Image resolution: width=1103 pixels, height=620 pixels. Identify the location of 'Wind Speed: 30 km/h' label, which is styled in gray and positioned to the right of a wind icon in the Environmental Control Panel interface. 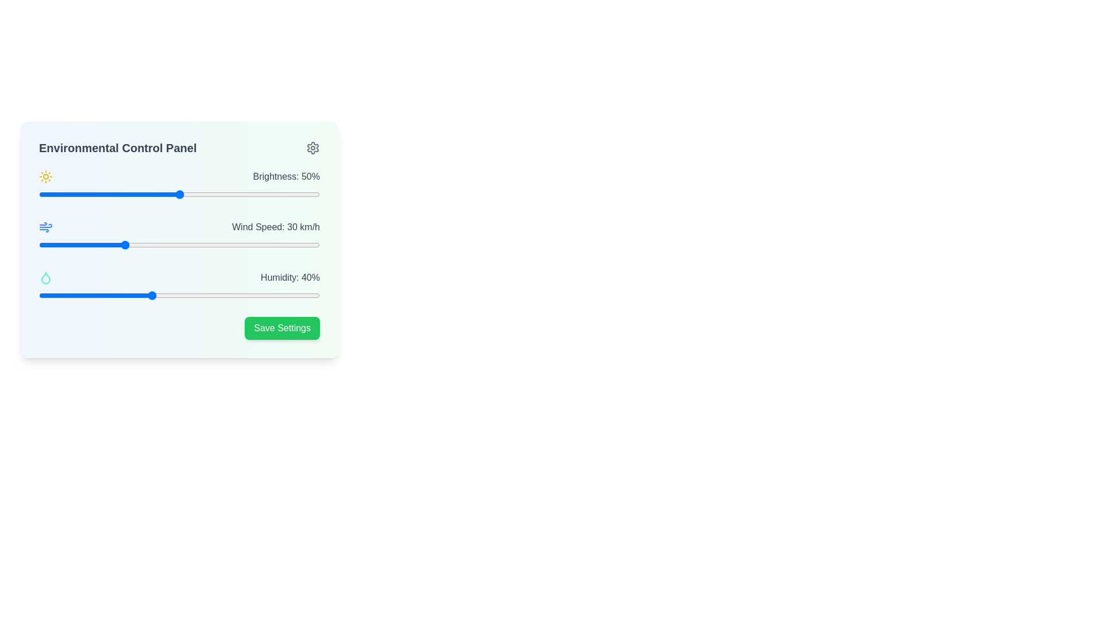
(179, 236).